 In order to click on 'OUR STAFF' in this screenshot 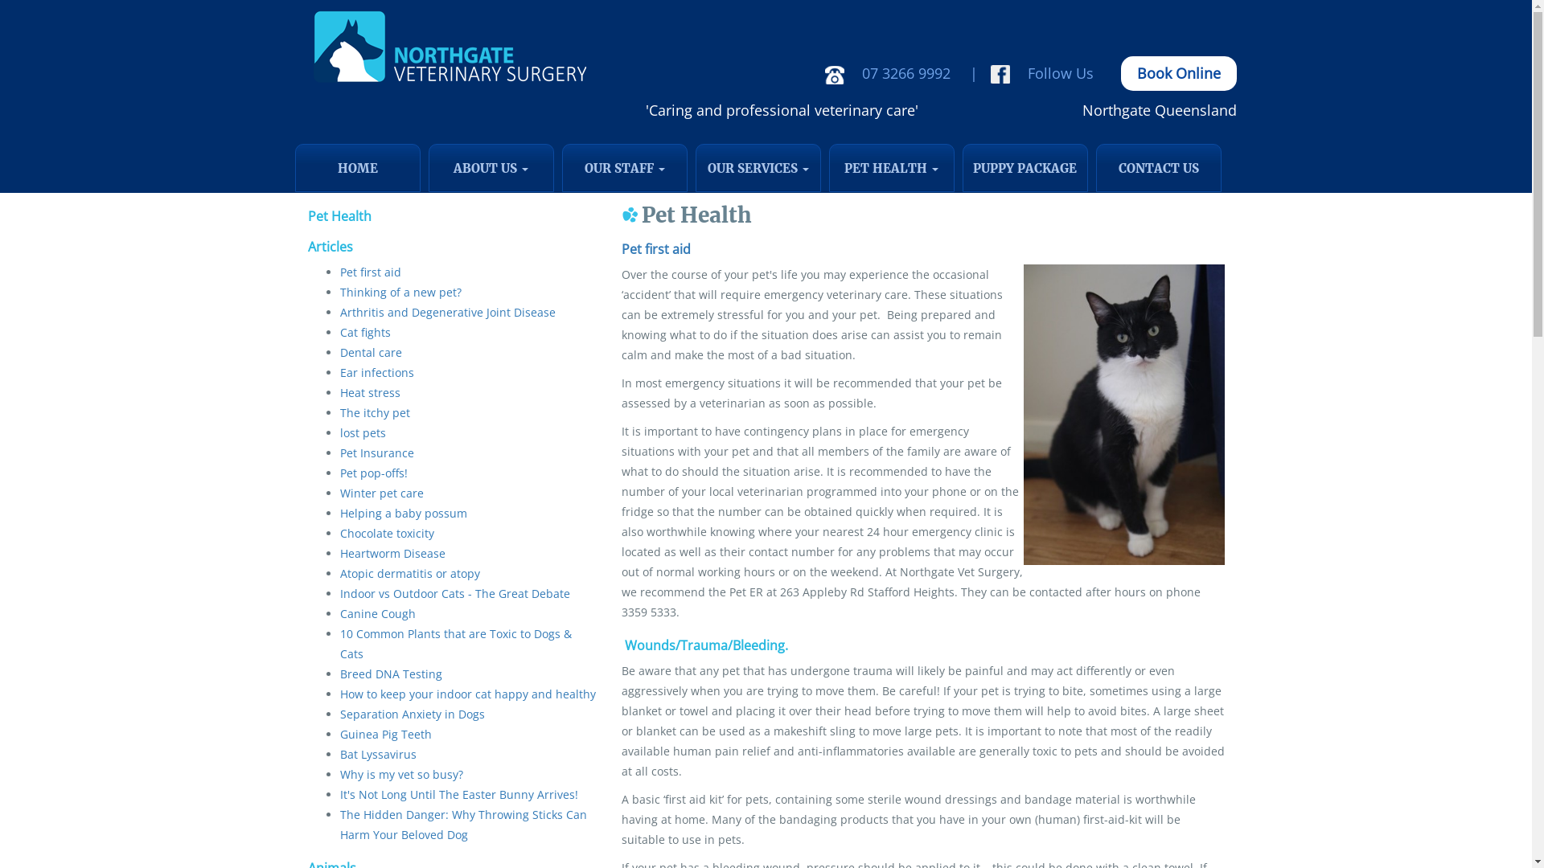, I will do `click(623, 167)`.